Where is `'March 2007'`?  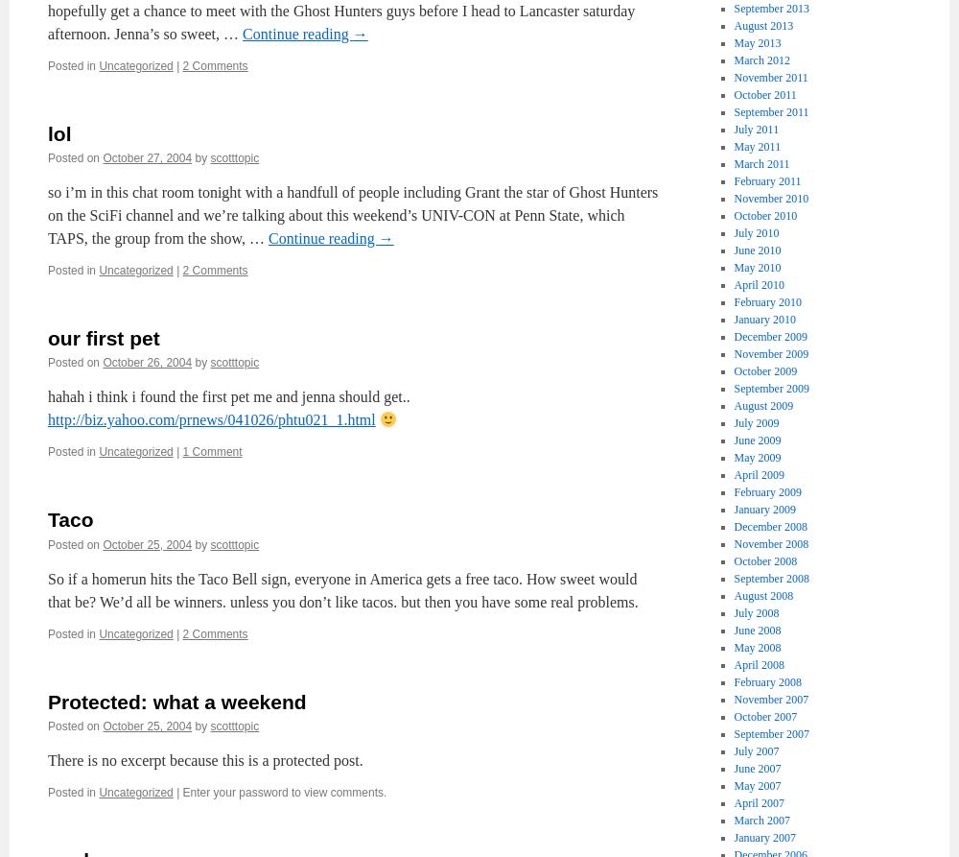
'March 2007' is located at coordinates (734, 818).